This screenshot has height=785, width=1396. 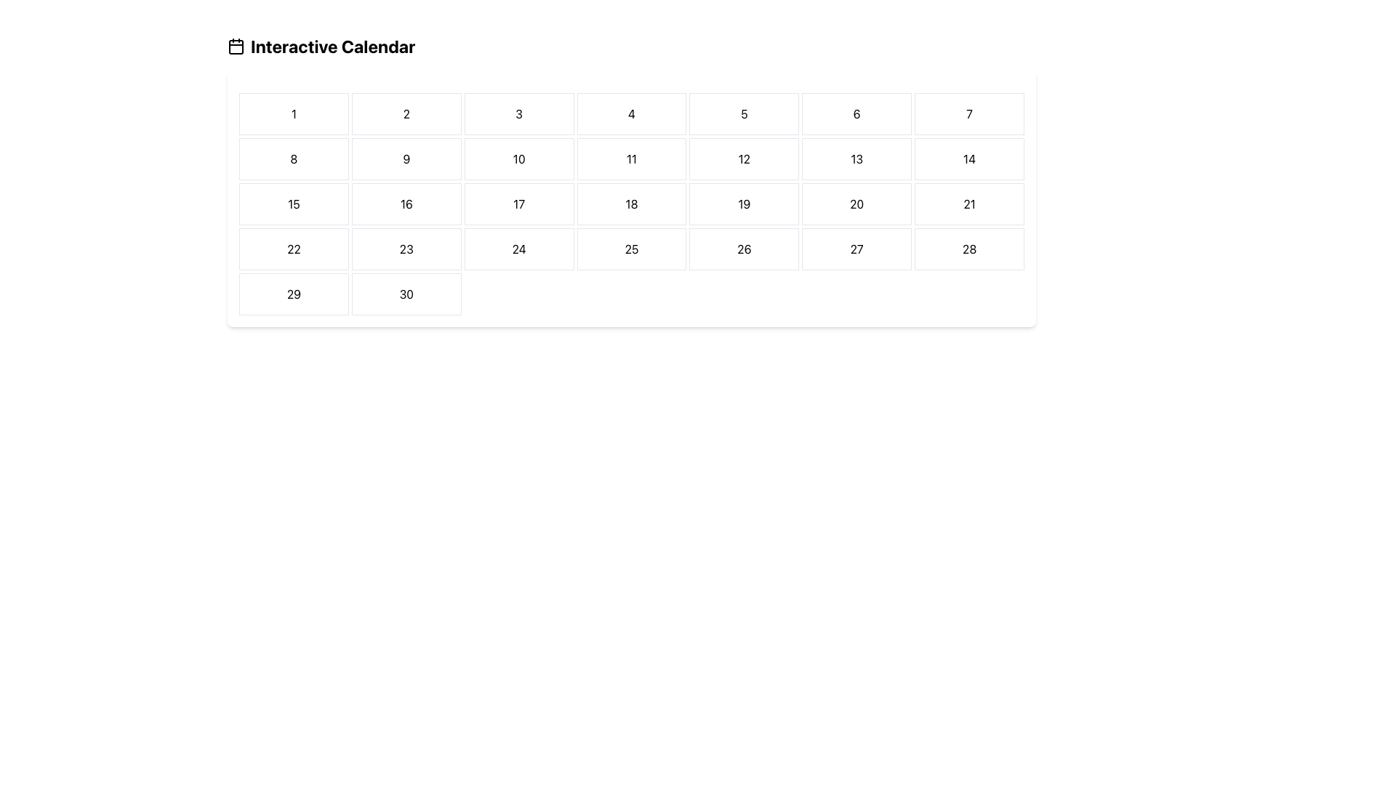 I want to click on the calendar icon SVG that represents the 'Interactive Calendar' section, located to the left of the text label, so click(x=236, y=46).